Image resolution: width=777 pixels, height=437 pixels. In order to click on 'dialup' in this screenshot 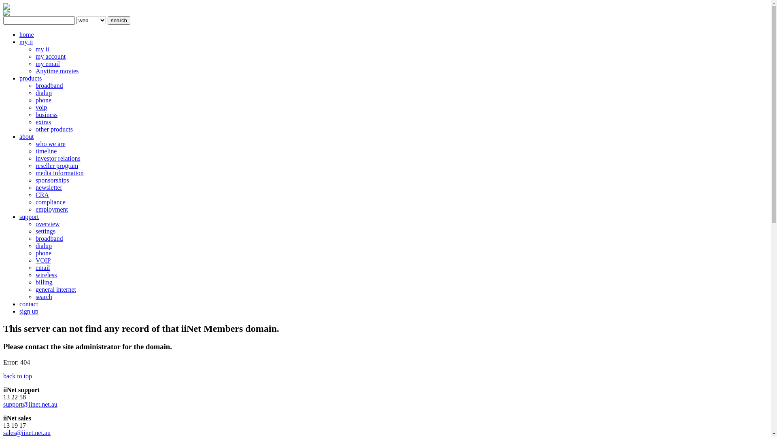, I will do `click(43, 92)`.